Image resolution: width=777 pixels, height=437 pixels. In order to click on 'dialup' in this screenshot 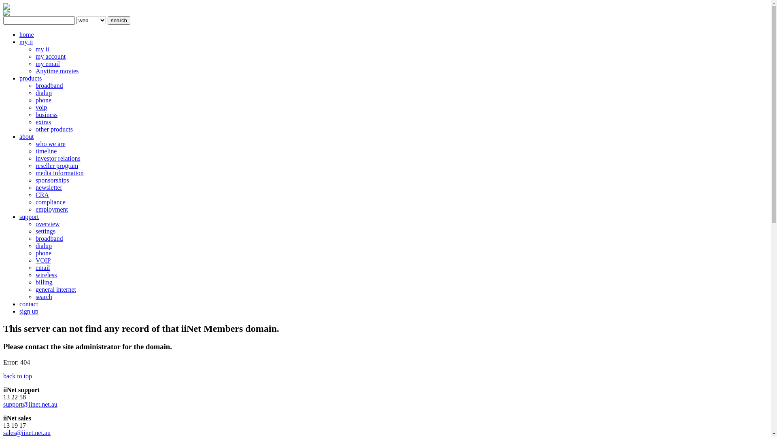, I will do `click(43, 92)`.